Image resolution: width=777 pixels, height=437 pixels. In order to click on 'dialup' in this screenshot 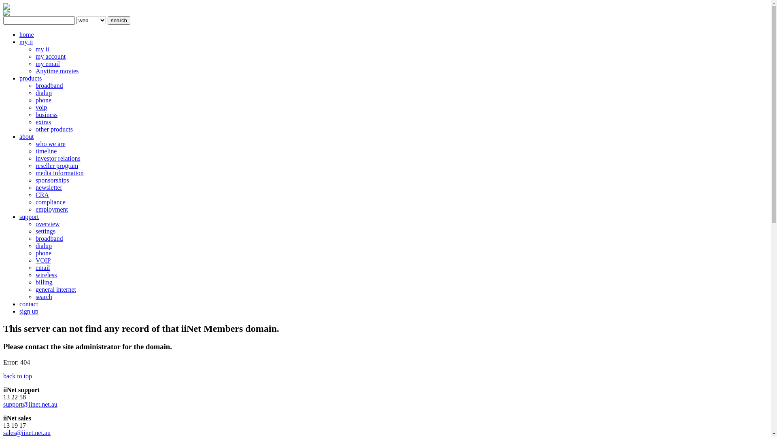, I will do `click(43, 92)`.